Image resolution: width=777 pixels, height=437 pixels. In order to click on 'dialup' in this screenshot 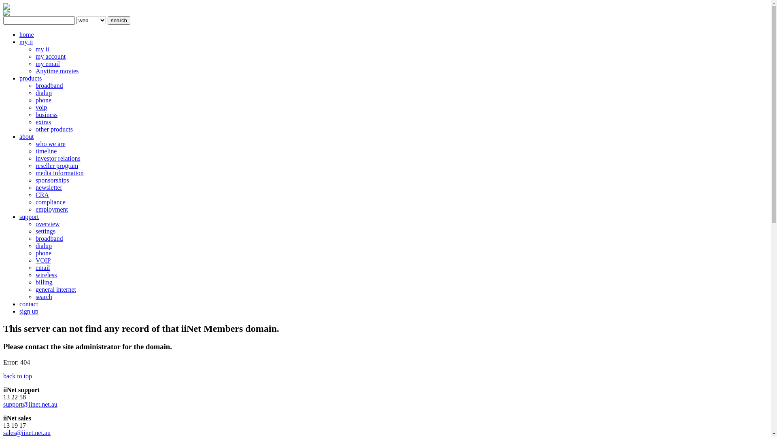, I will do `click(43, 92)`.